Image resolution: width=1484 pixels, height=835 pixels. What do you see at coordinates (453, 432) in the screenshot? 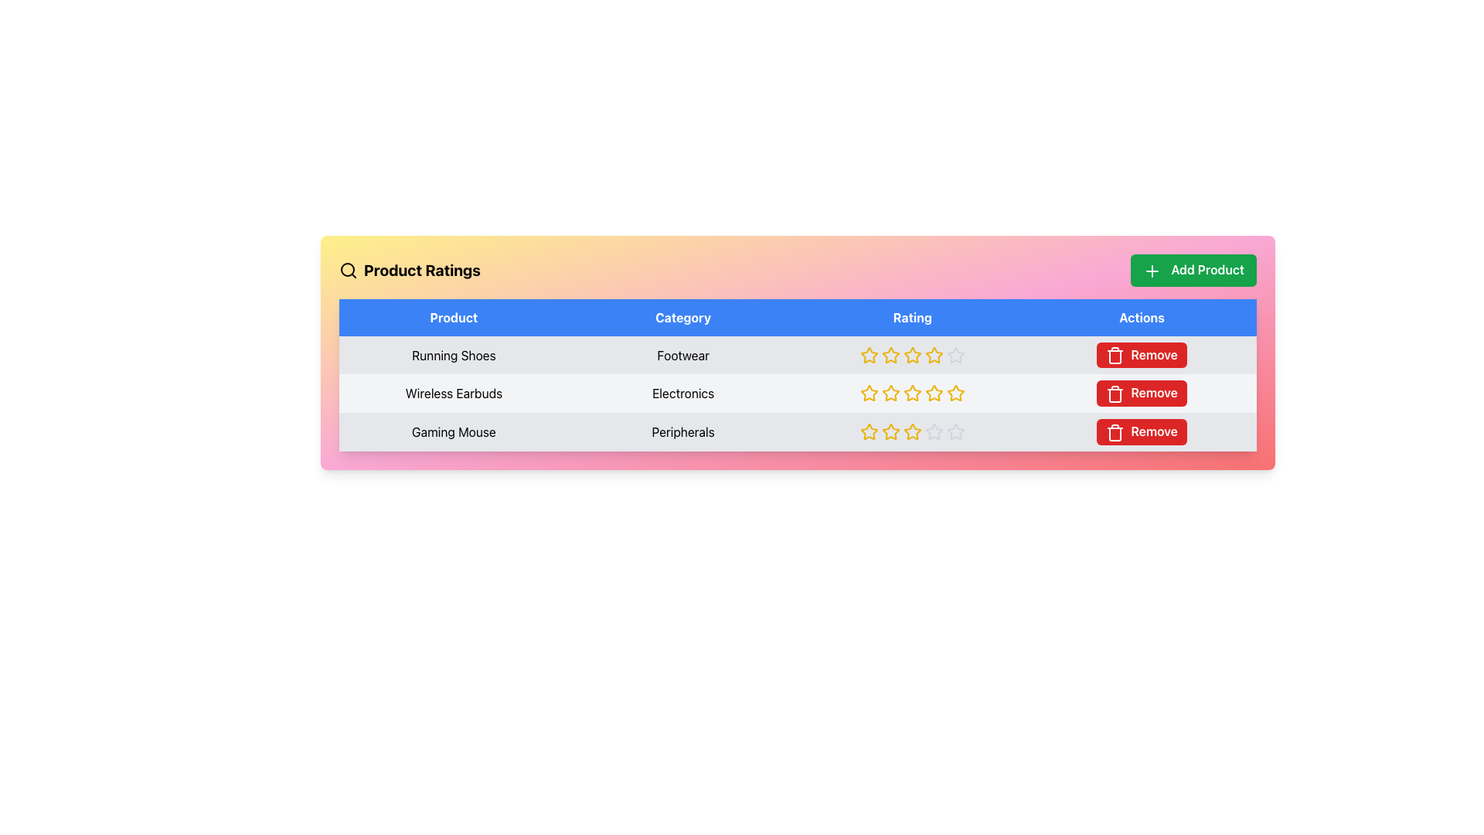
I see `the 'Gaming Mouse' text label located in the first column of the third row of the product attributes table` at bounding box center [453, 432].